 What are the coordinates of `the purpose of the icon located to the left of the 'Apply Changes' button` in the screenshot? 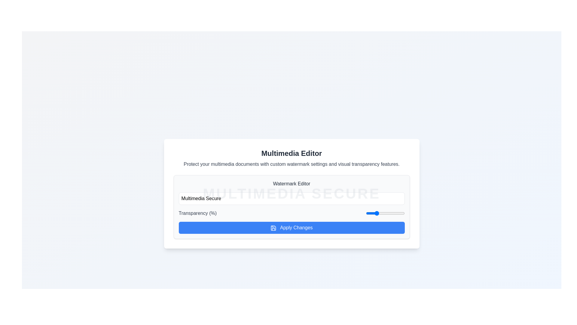 It's located at (273, 228).